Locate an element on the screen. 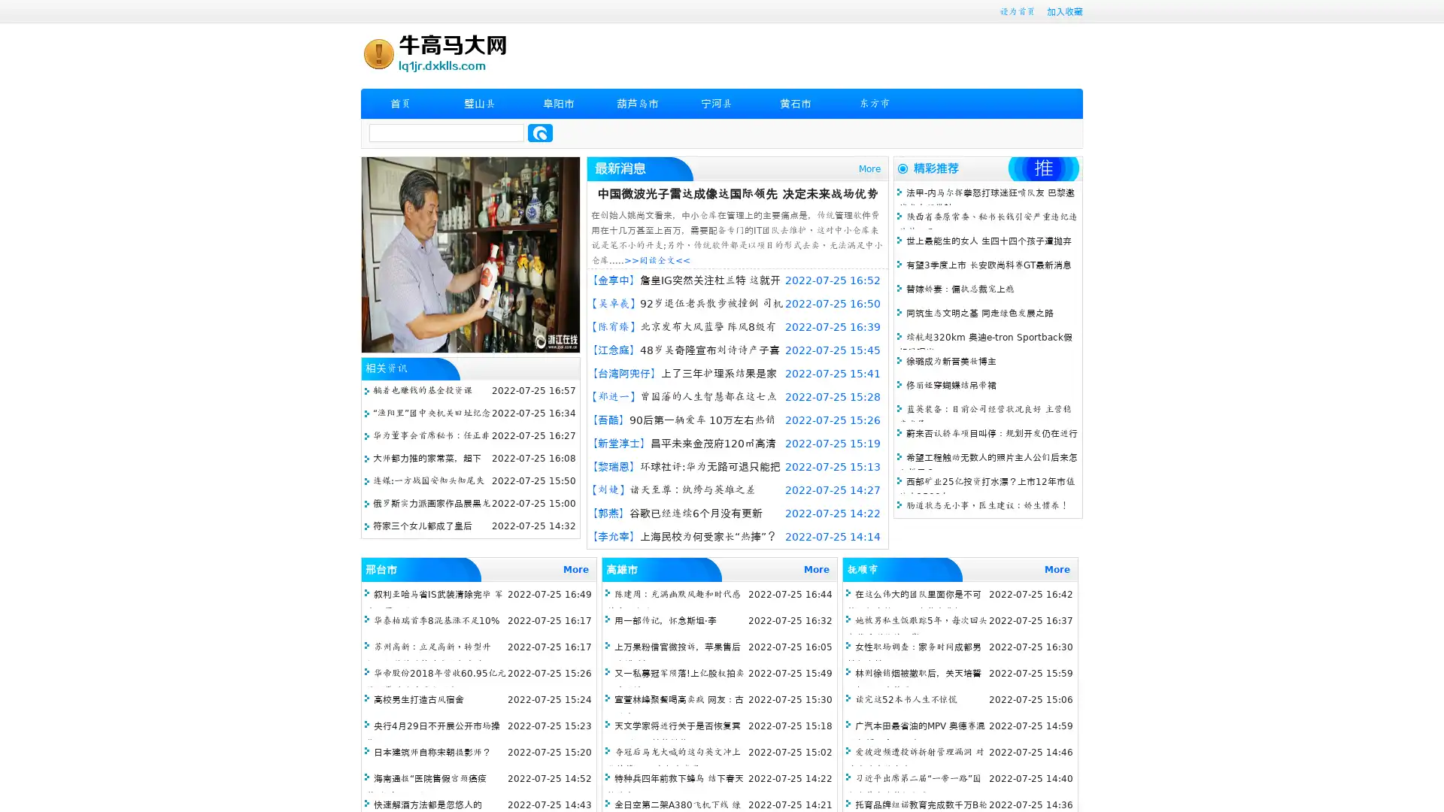  Search is located at coordinates (540, 132).